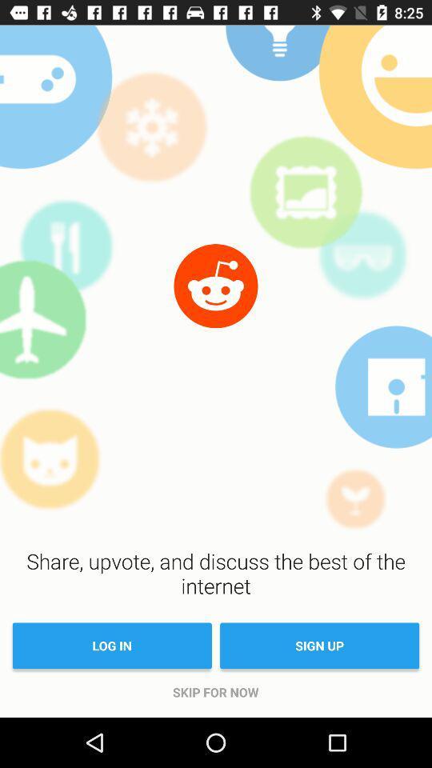 The width and height of the screenshot is (432, 768). What do you see at coordinates (215, 691) in the screenshot?
I see `item below the log in item` at bounding box center [215, 691].